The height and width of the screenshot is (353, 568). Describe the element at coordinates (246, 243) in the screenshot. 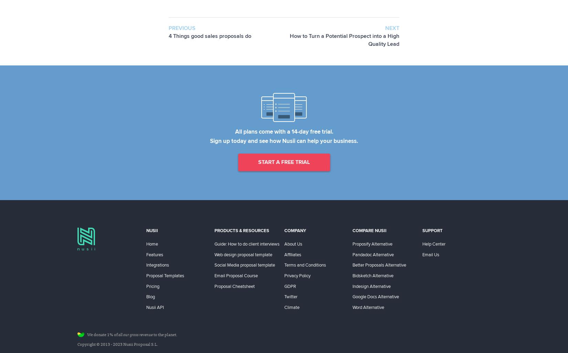

I see `'Guide: How to do client interviews'` at that location.